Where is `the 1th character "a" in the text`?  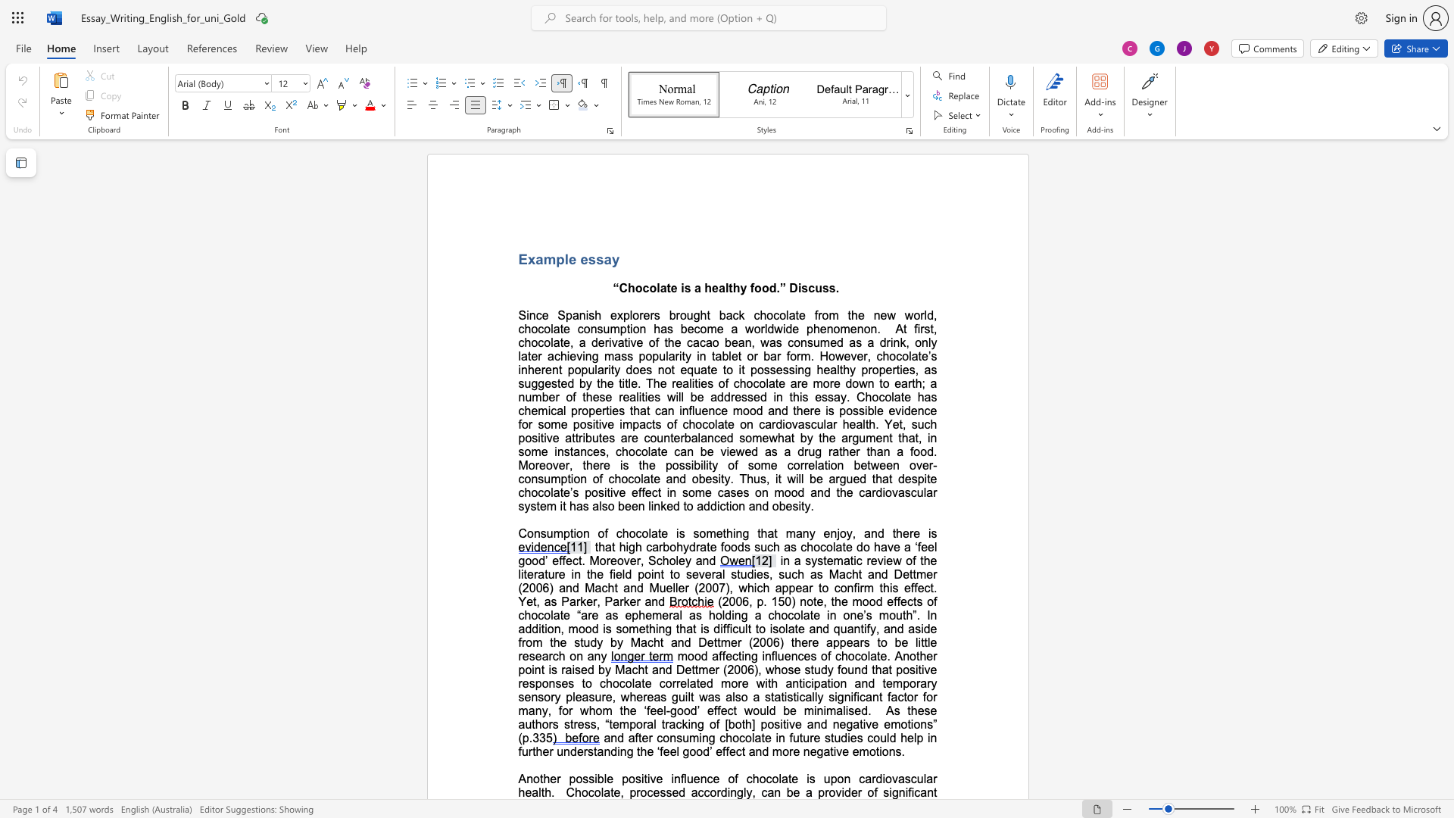 the 1th character "a" in the text is located at coordinates (663, 288).